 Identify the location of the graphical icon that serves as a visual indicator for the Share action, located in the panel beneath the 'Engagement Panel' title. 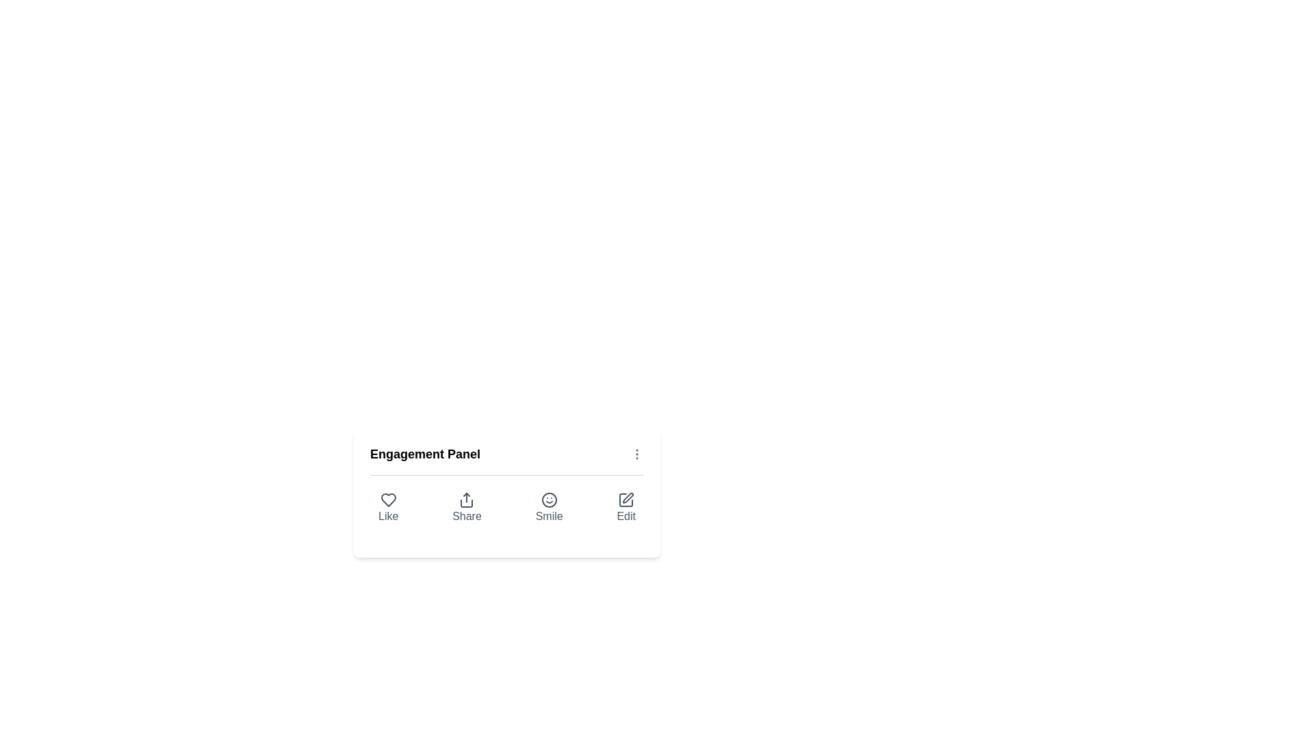
(467, 500).